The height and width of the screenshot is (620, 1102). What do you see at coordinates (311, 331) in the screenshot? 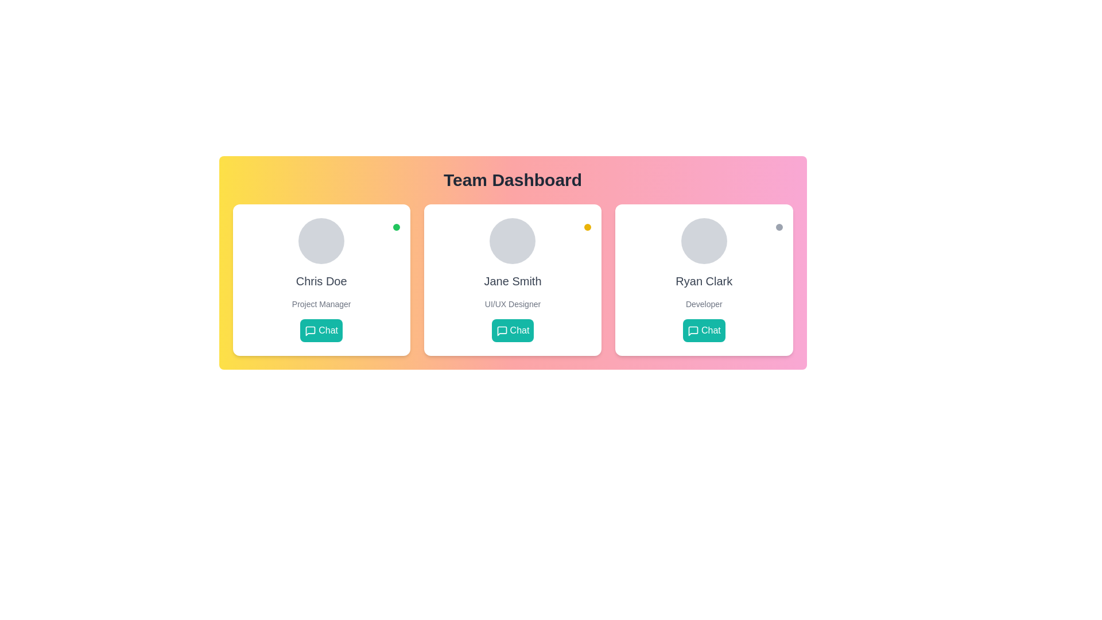
I see `the teal speech bubble icon that is centrally positioned within the 'Chat' button under the profile card for 'Chris Doe, Project Manager'` at bounding box center [311, 331].